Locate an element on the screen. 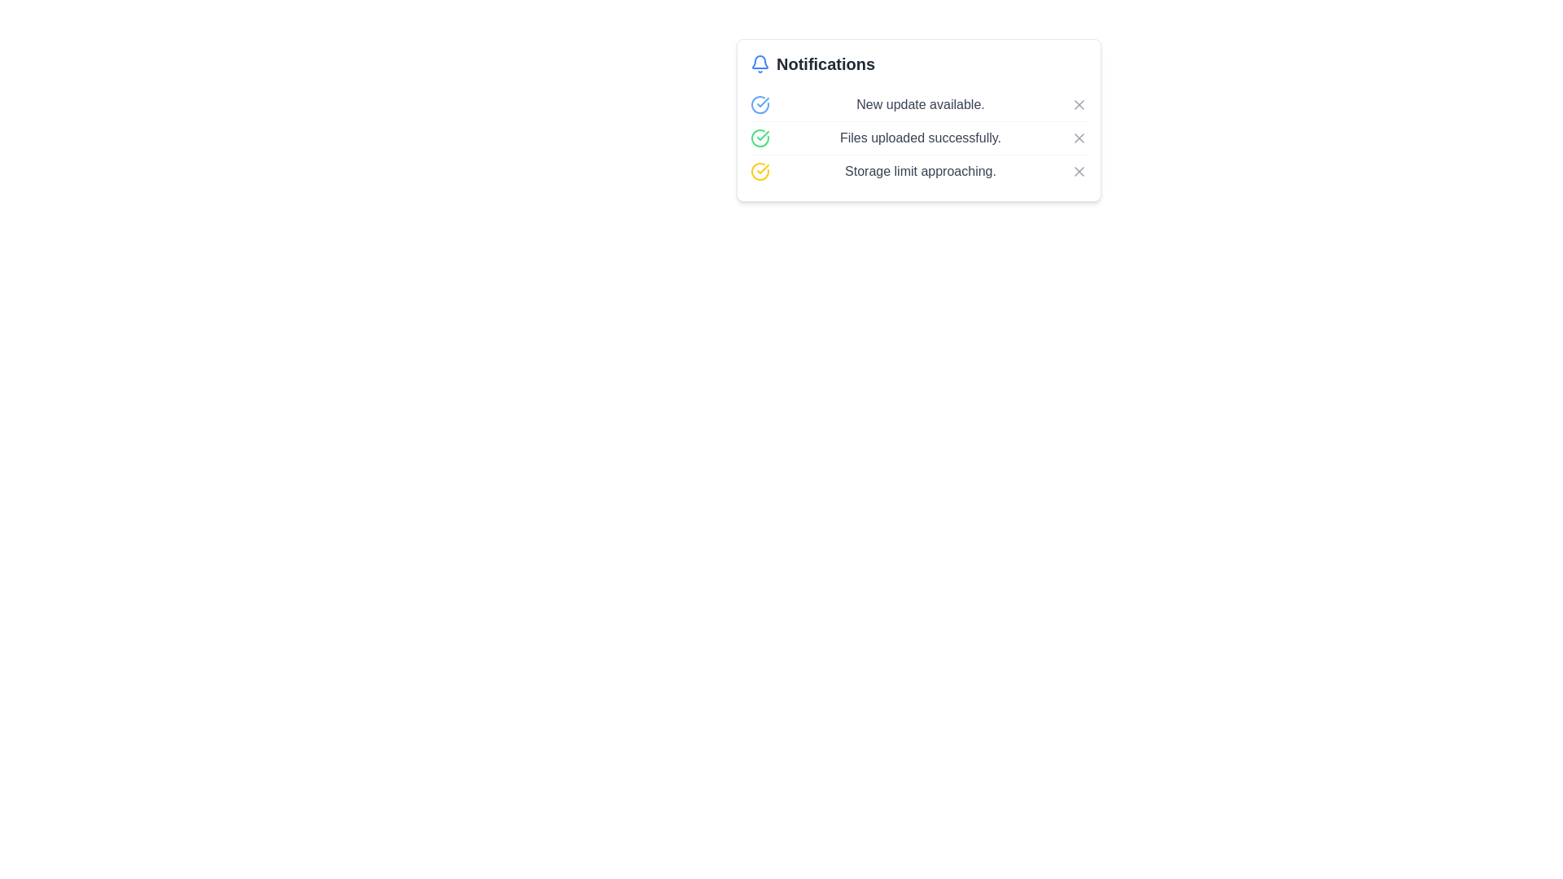 This screenshot has height=879, width=1563. the warning icon indicating 'Storage limit approaching' in the third row of the notification list, which is the leftmost component in that row is located at coordinates (760, 172).